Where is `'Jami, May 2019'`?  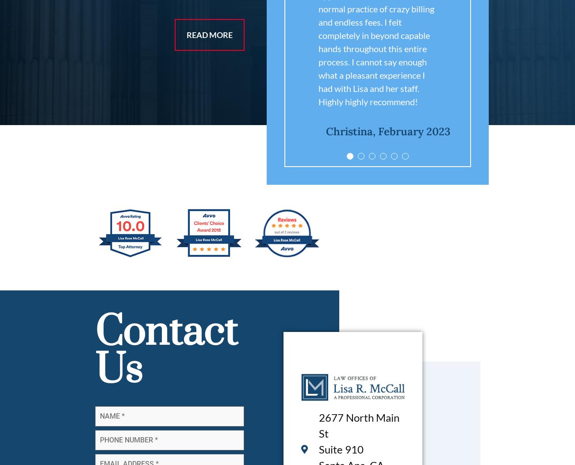
'Jami, May 2019' is located at coordinates (237, 144).